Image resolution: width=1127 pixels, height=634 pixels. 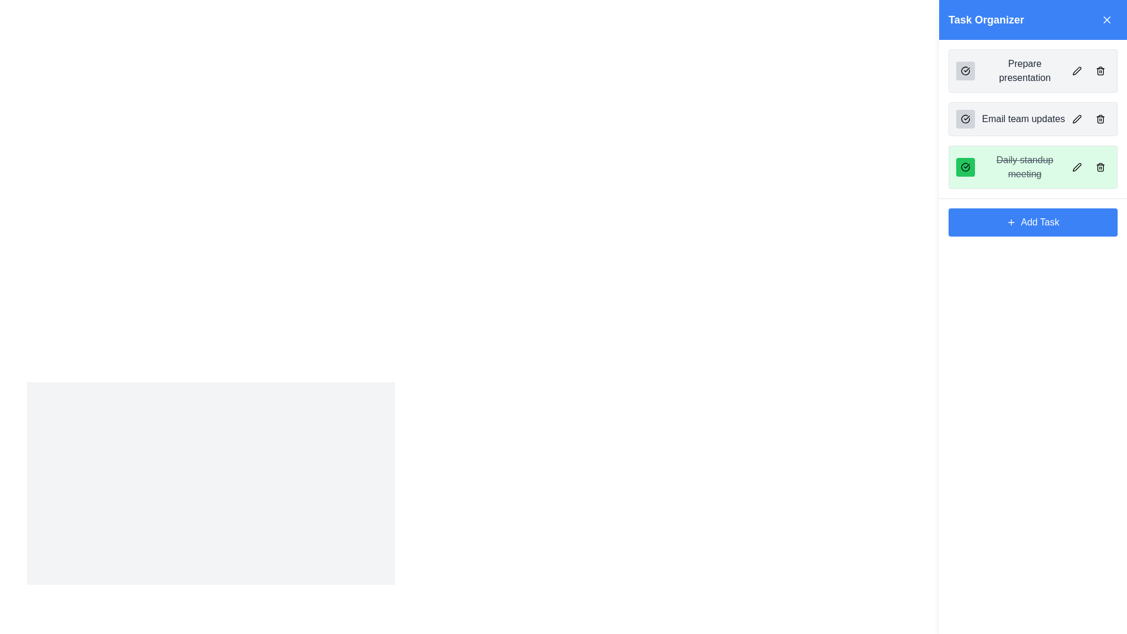 What do you see at coordinates (1100, 119) in the screenshot?
I see `the delete icon button in the last column of the 'Daily standup meeting' row in the 'Task Organizer' panel` at bounding box center [1100, 119].